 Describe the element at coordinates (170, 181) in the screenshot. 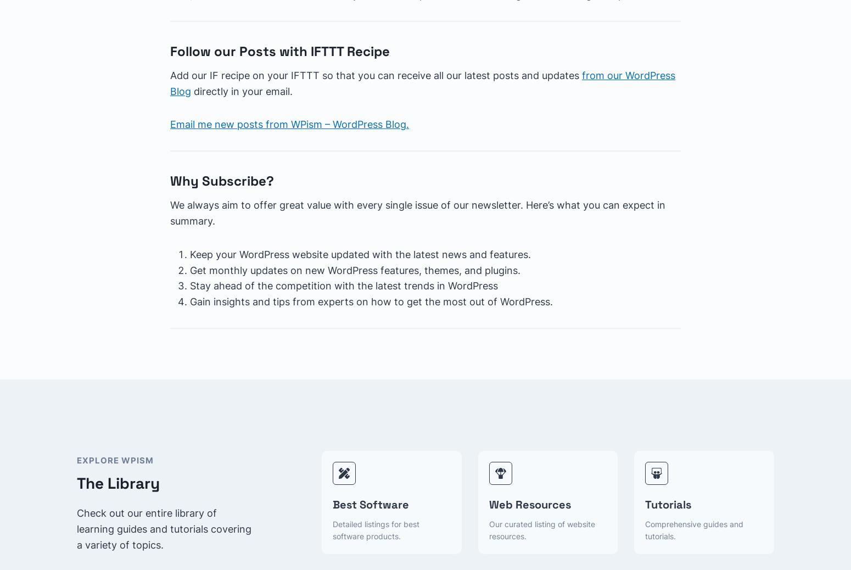

I see `'Why Subscribe?'` at that location.